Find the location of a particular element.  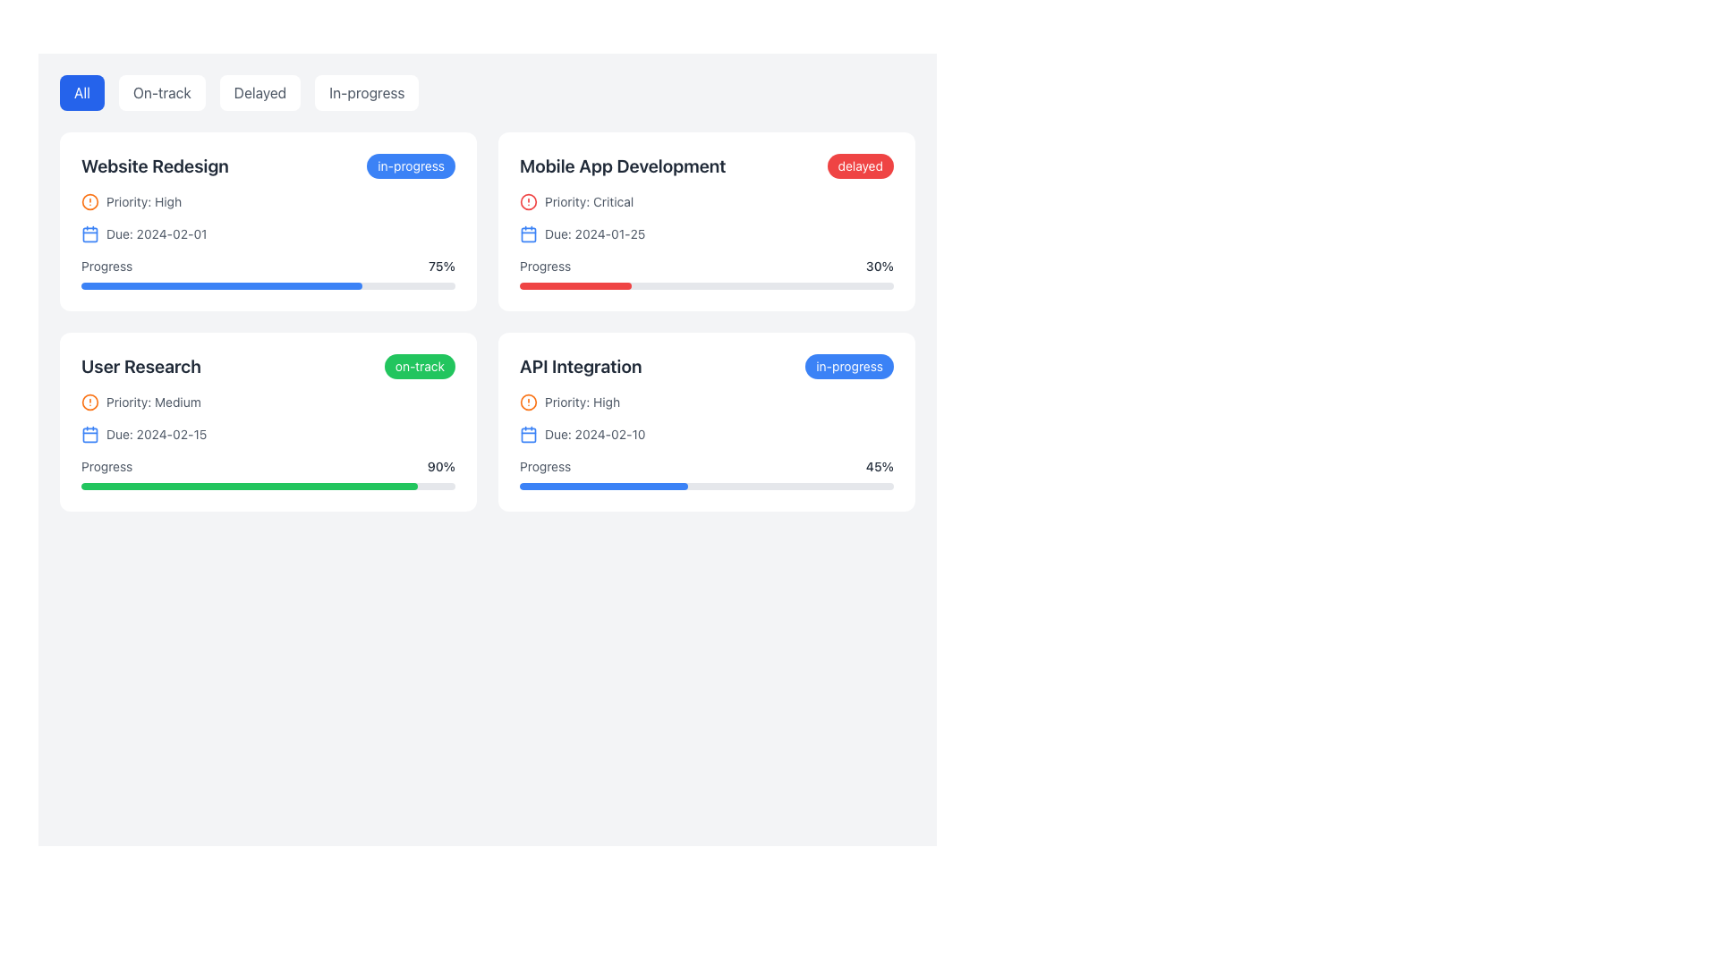

the text label displaying 'Priority: High' located in the 'Website Redesign' card, positioned below the title and above the due information, to the right of an orange alert icon is located at coordinates (144, 201).